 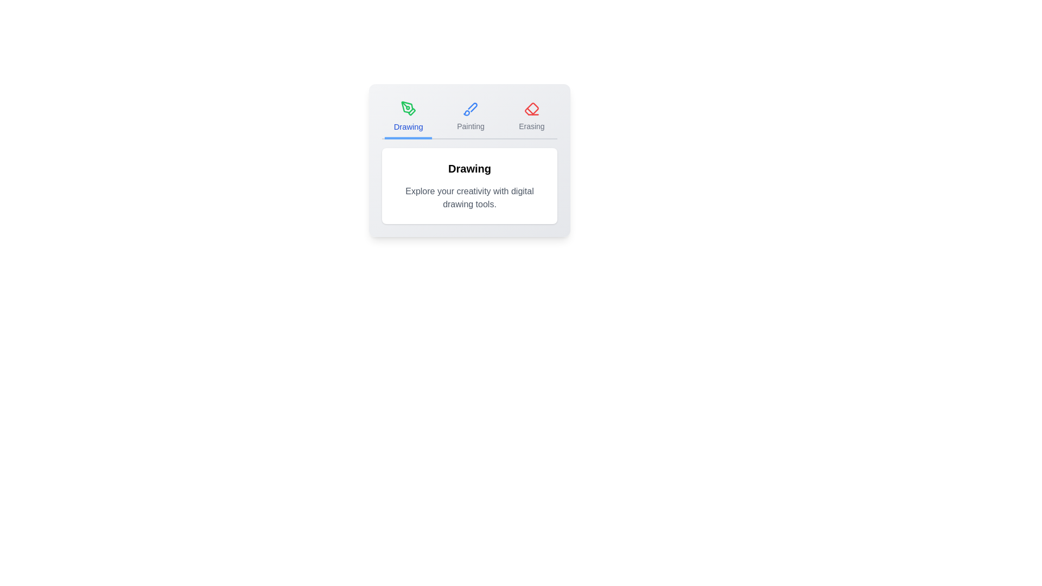 What do you see at coordinates (408, 117) in the screenshot?
I see `the tab labeled Drawing` at bounding box center [408, 117].